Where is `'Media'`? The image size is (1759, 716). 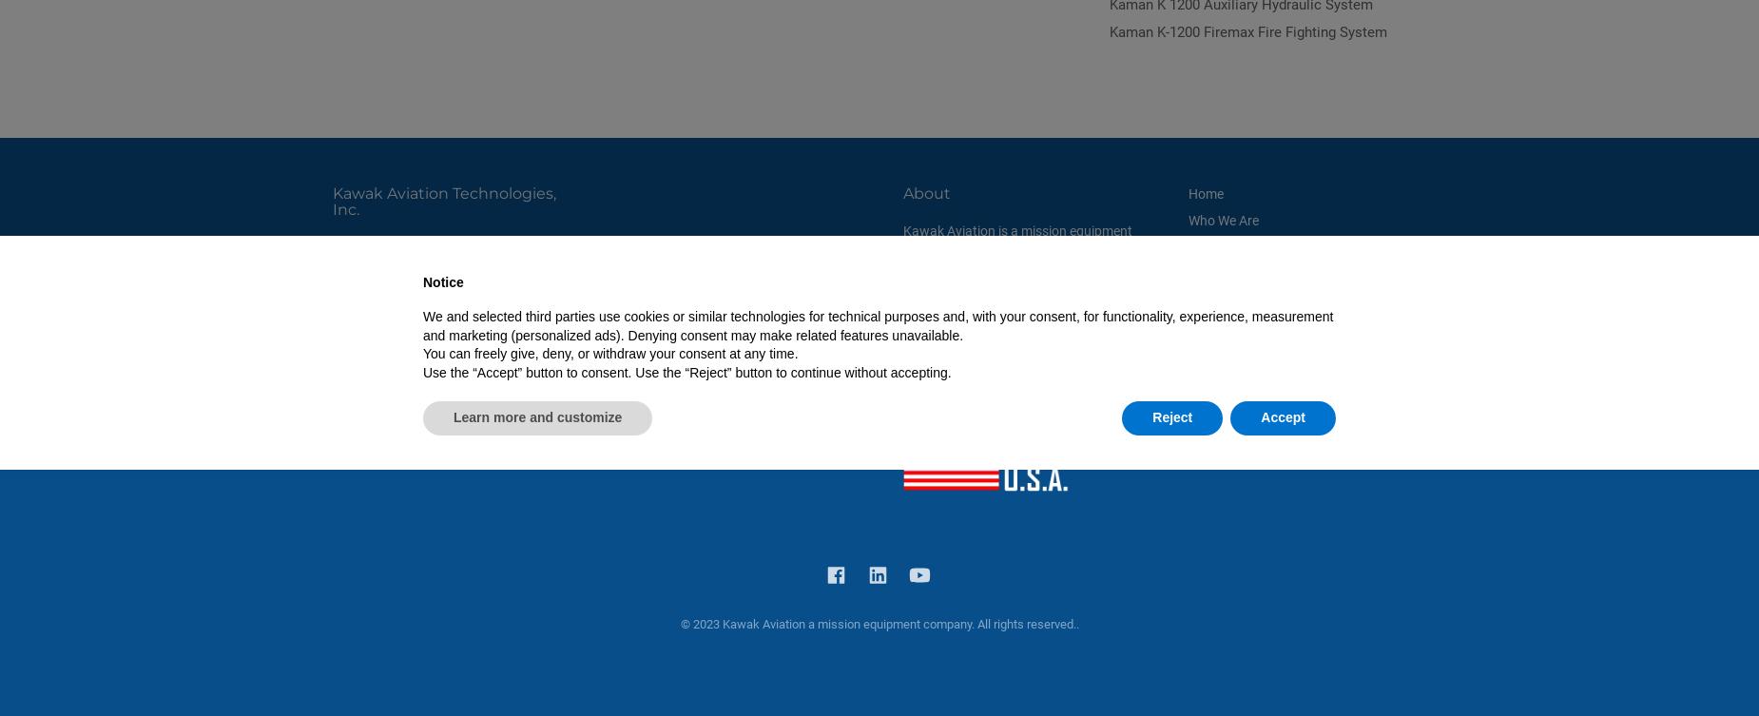 'Media' is located at coordinates (1205, 277).